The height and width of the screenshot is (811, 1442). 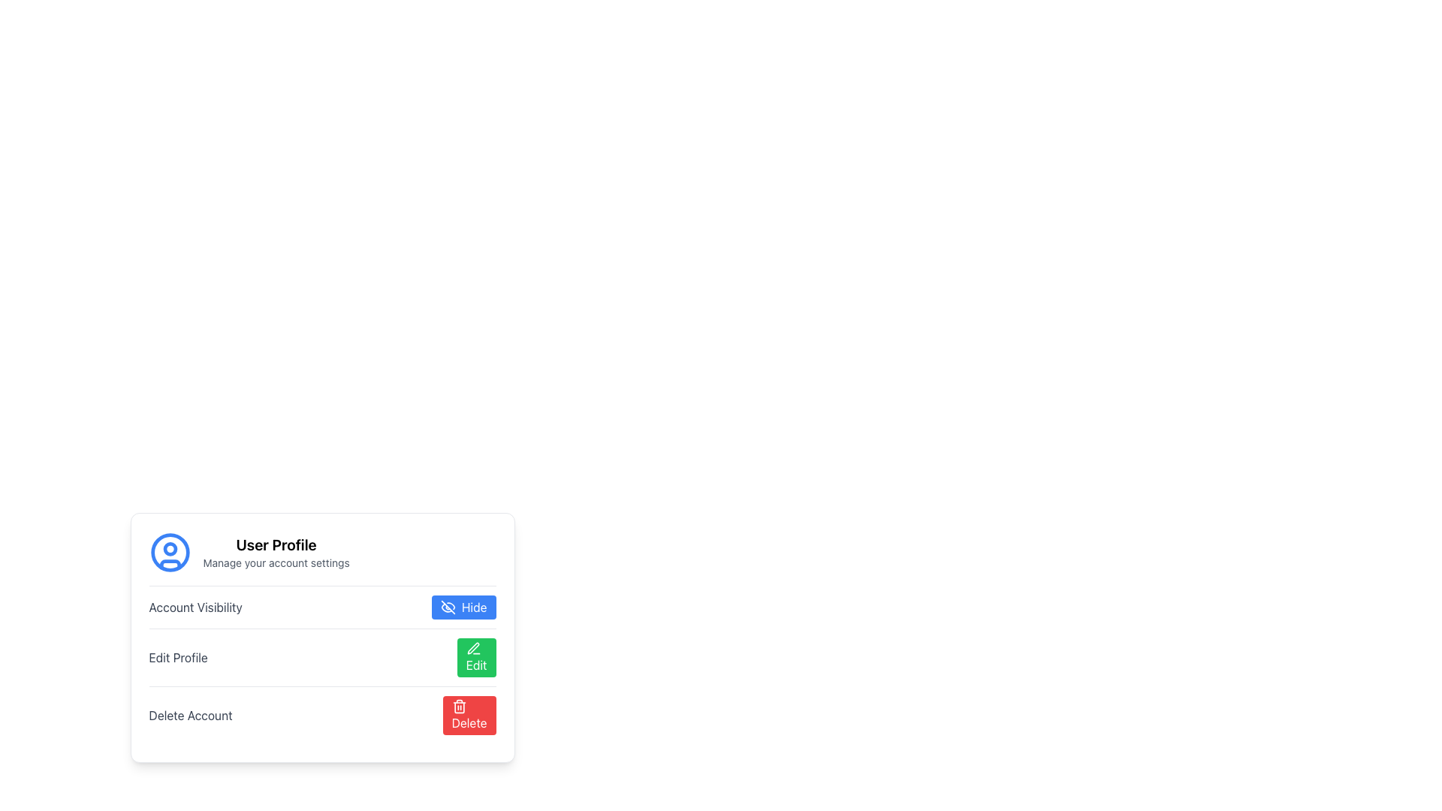 What do you see at coordinates (170, 553) in the screenshot?
I see `the blue circular user avatar icon located at the top of the profile section` at bounding box center [170, 553].